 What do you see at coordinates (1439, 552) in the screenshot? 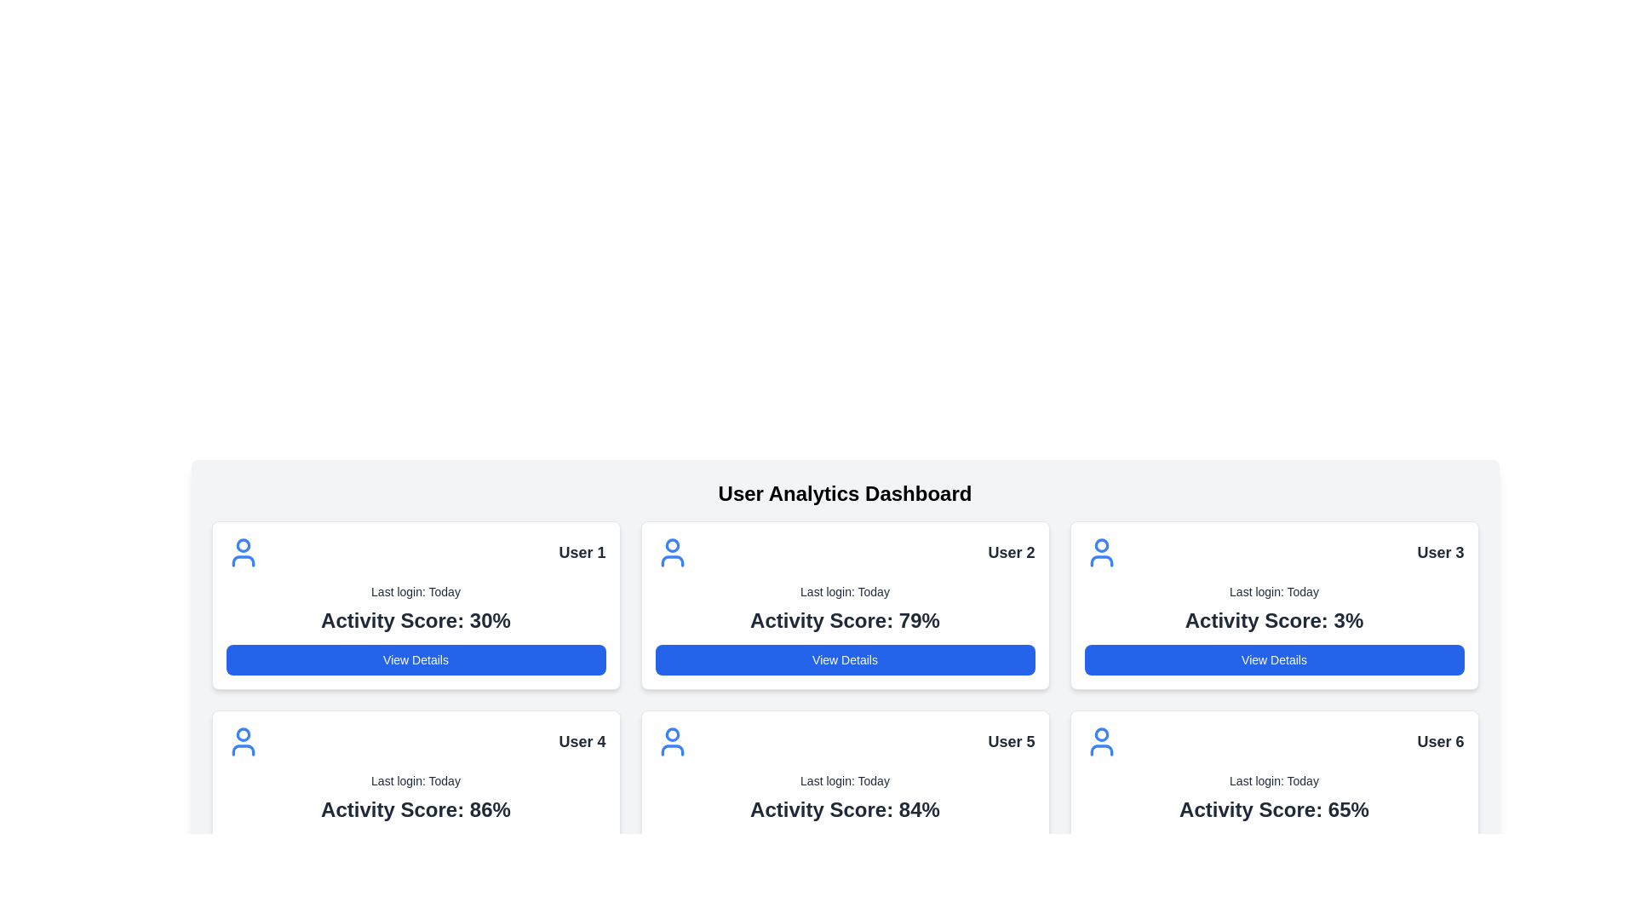
I see `the text label indicating the identifier for the associated user card, which is located at the top-right corner of the third user card in the second row of cards` at bounding box center [1439, 552].